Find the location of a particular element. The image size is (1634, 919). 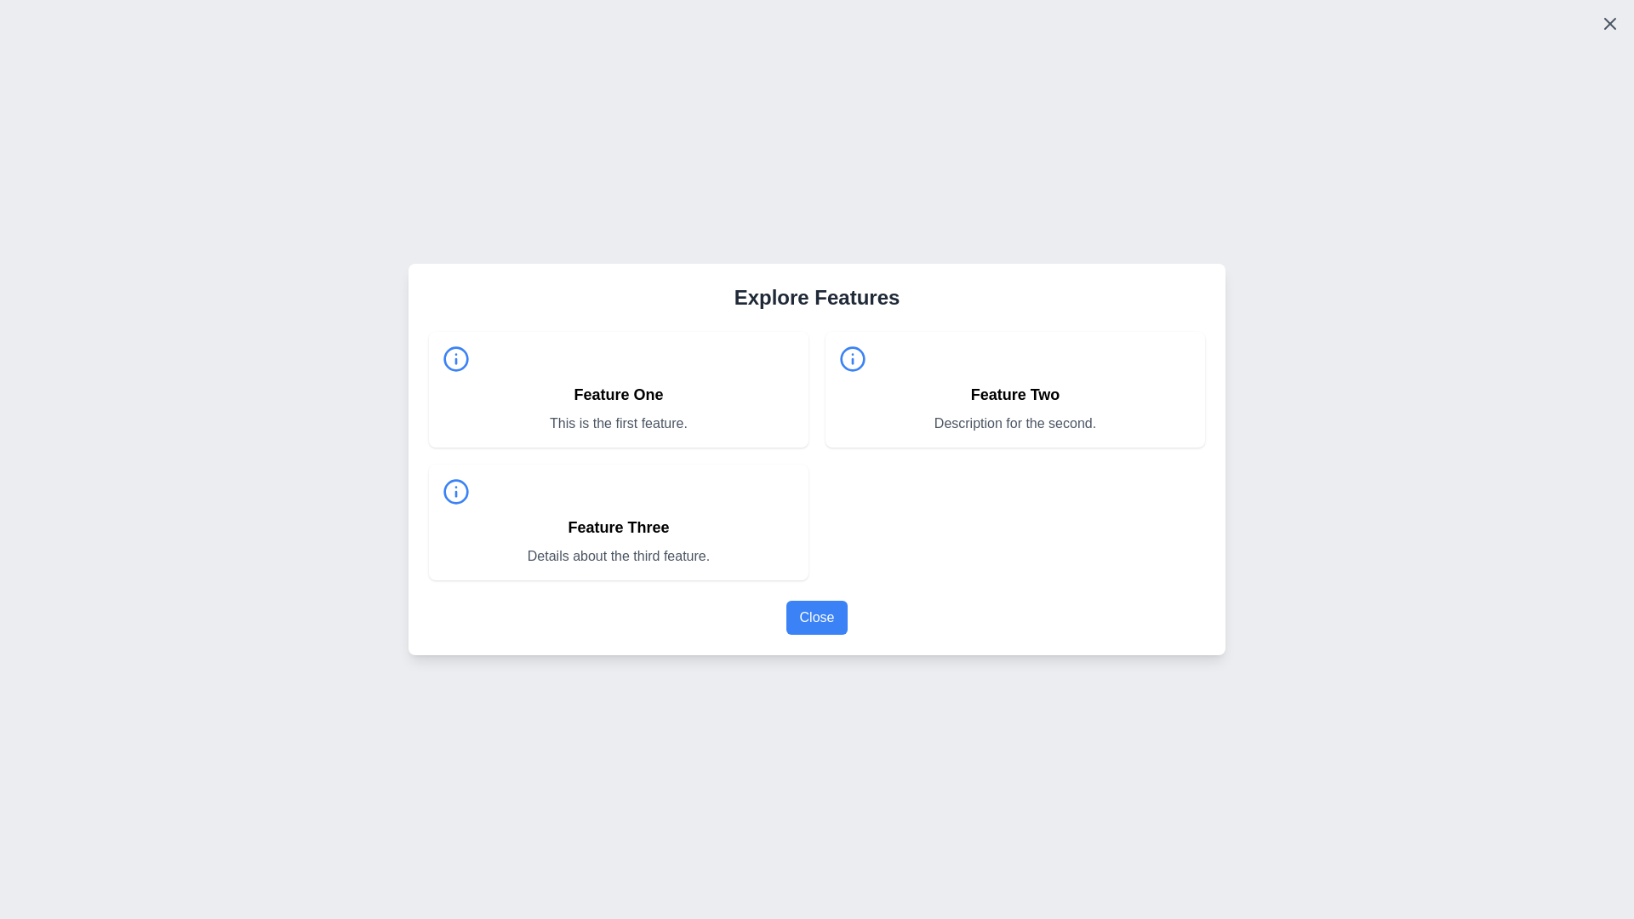

the close button located at the top-right corner of the interface, which dismisses the feature exploration interface and changes its color is located at coordinates (1608, 23).